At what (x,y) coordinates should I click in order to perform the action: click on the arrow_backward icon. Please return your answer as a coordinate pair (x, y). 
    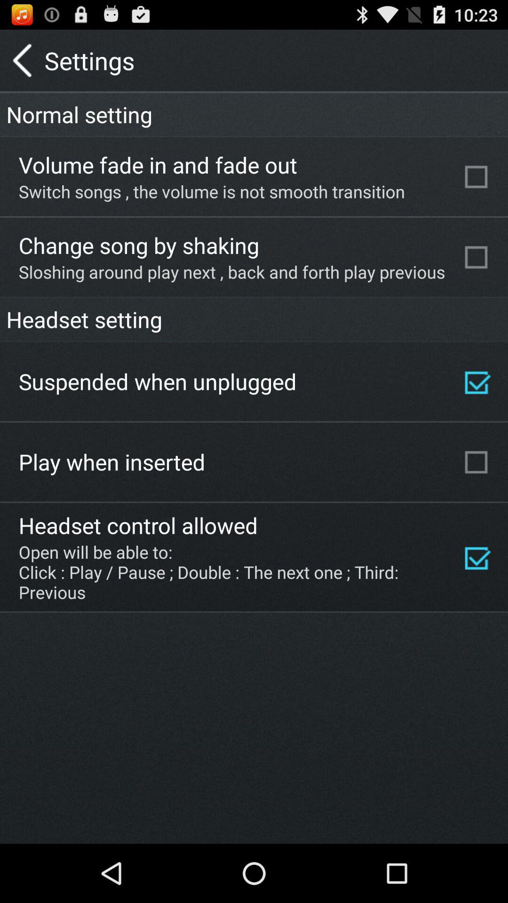
    Looking at the image, I should click on (22, 64).